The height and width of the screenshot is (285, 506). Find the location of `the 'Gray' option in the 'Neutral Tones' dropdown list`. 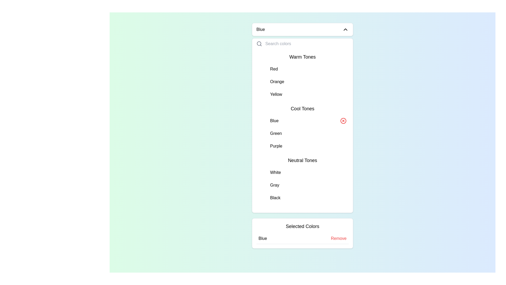

the 'Gray' option in the 'Neutral Tones' dropdown list is located at coordinates (302, 185).